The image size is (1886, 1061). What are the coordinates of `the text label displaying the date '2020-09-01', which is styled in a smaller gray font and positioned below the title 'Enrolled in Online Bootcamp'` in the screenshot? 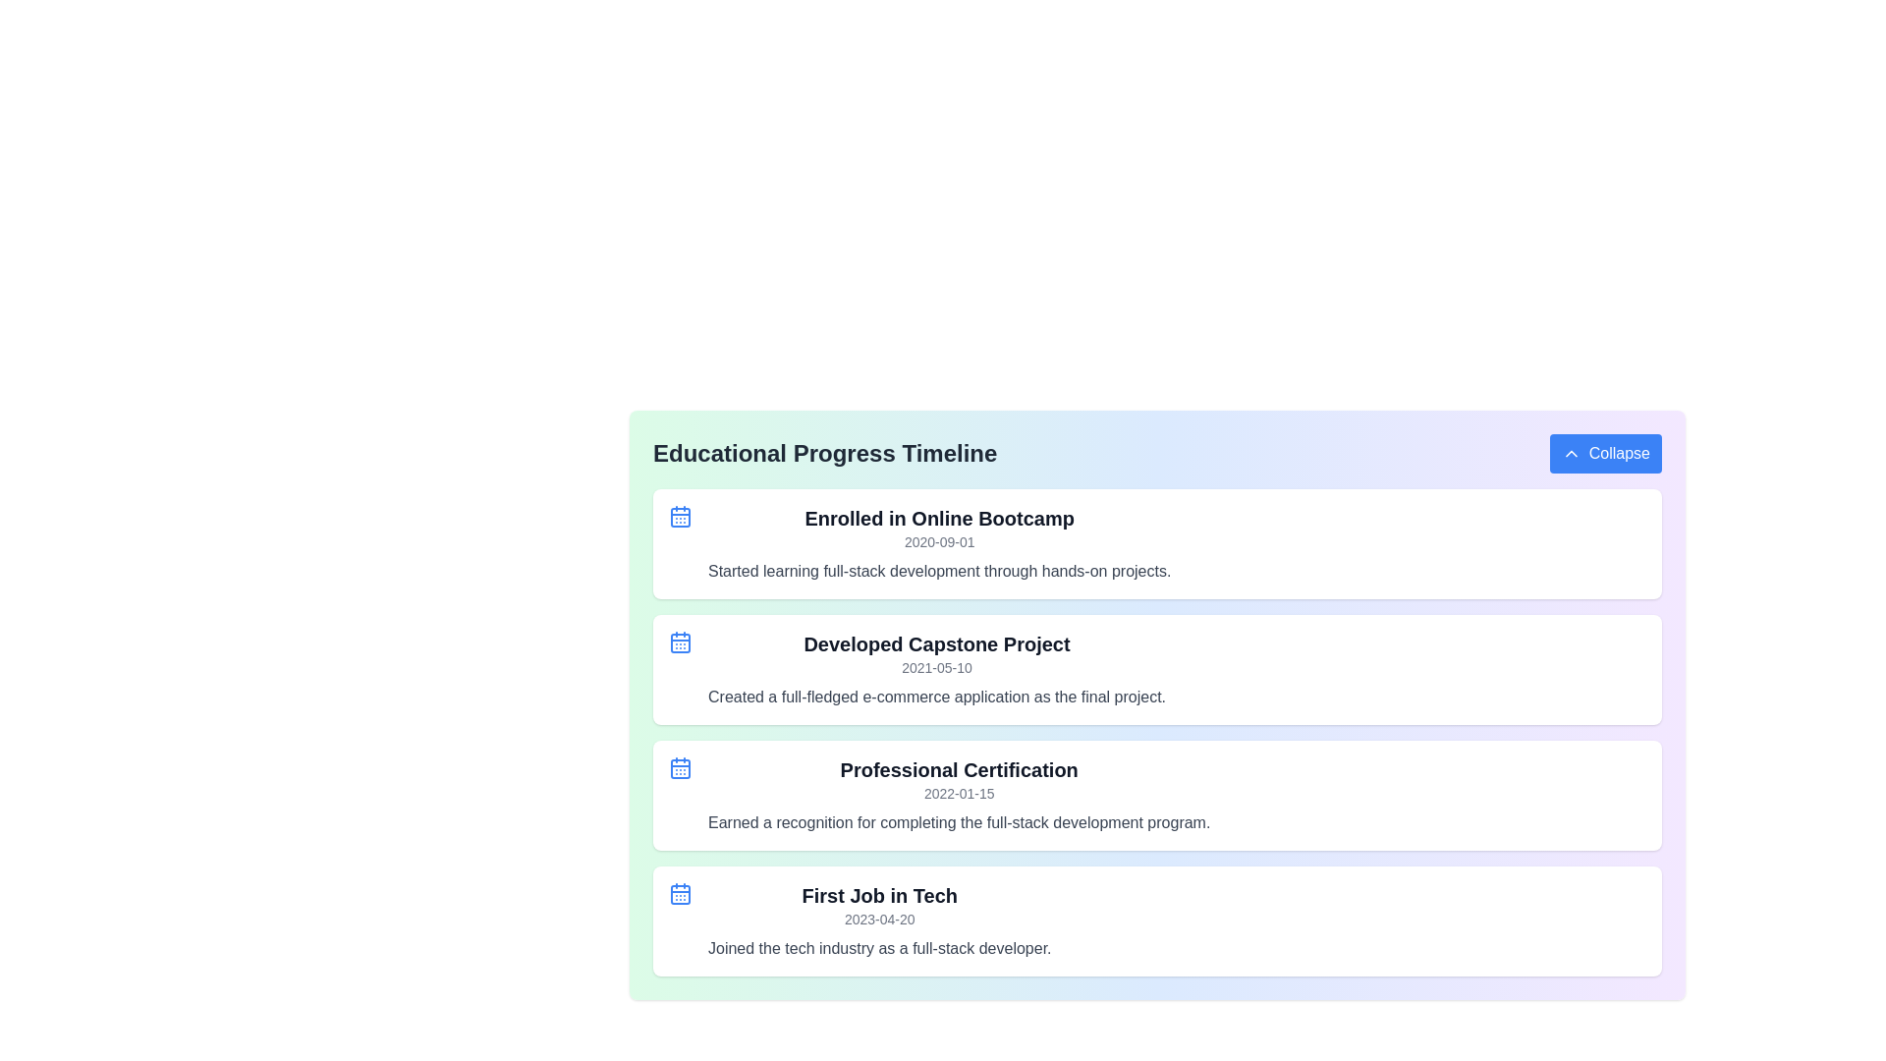 It's located at (938, 541).